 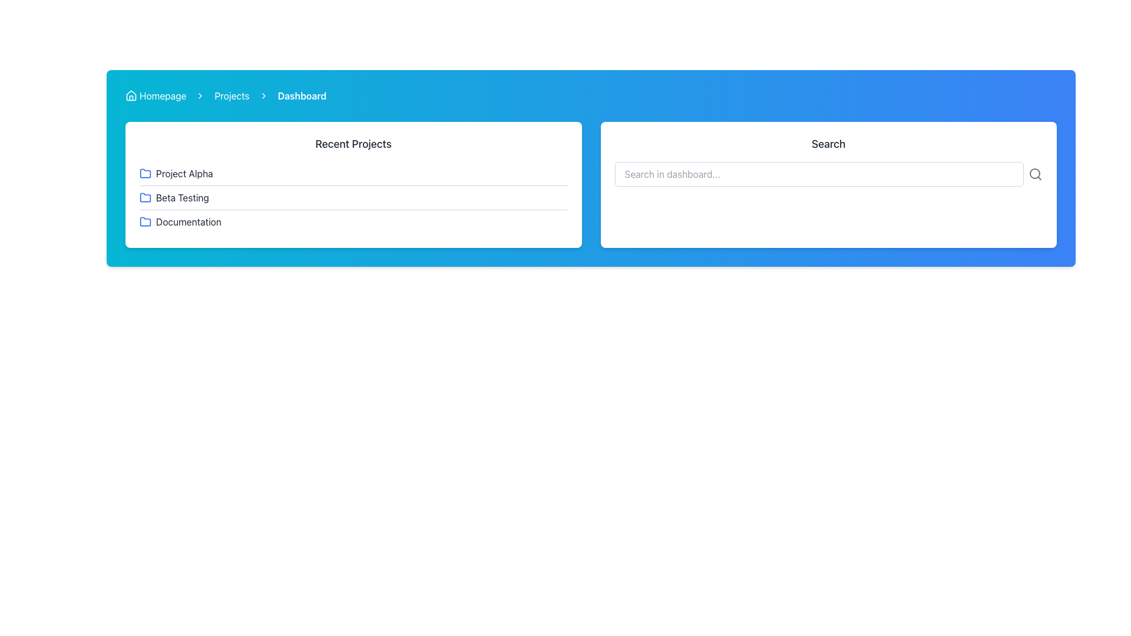 I want to click on the folder icon with a blue outline located to the left of the 'Project Alpha' text entry in the recent projects list, so click(x=144, y=173).